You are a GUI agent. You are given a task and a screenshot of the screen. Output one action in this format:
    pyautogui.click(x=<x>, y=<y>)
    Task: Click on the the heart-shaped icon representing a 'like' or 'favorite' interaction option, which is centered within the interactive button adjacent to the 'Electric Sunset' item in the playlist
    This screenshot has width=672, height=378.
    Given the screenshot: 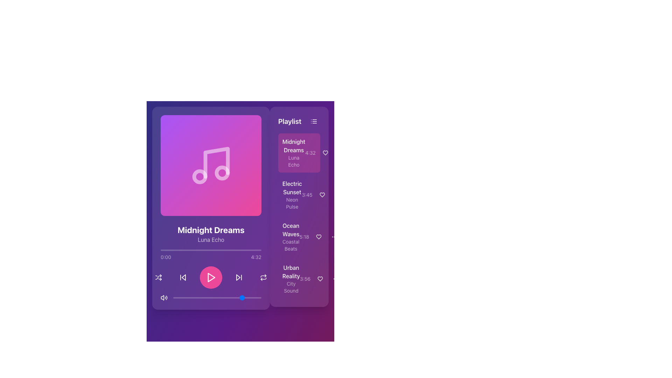 What is the action you would take?
    pyautogui.click(x=322, y=195)
    